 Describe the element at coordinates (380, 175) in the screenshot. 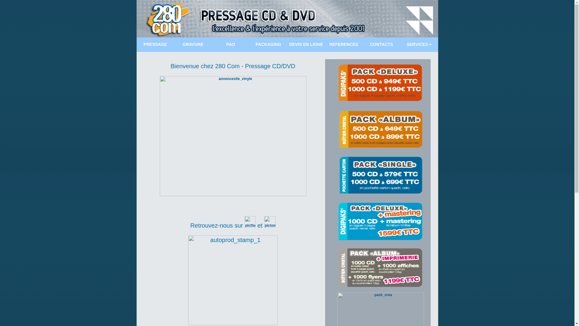

I see `'Pack_single_1000'` at that location.